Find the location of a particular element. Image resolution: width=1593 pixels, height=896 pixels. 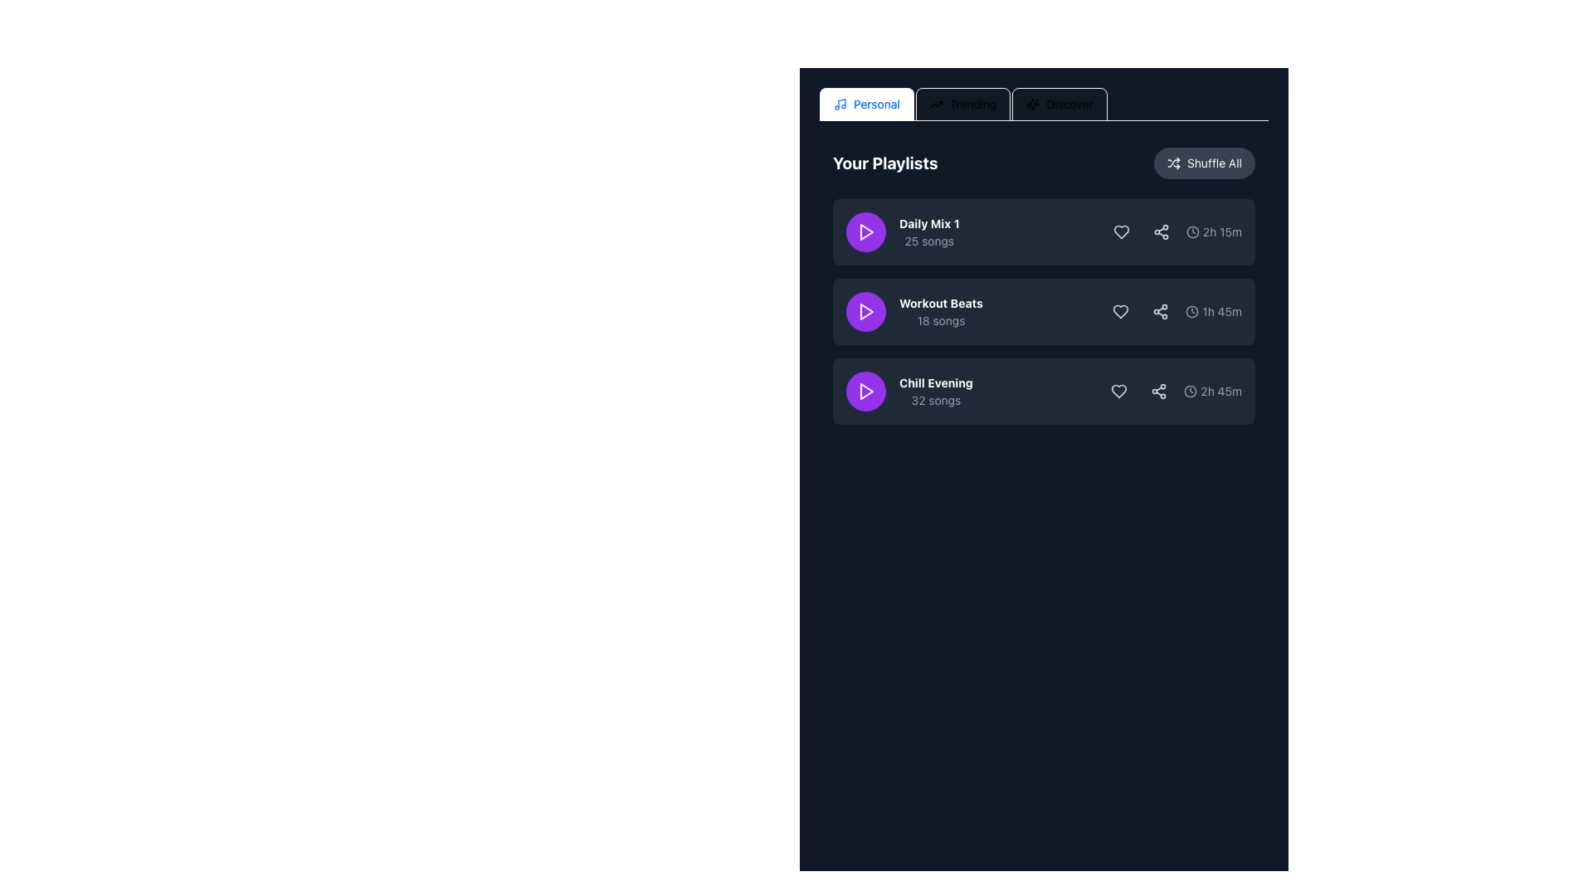

the heart-shaped icon located to the right of the 'Workout Beats' playlist item and adjacent to the duration text '1h 45m' to like or unlike the playlist is located at coordinates (1121, 311).